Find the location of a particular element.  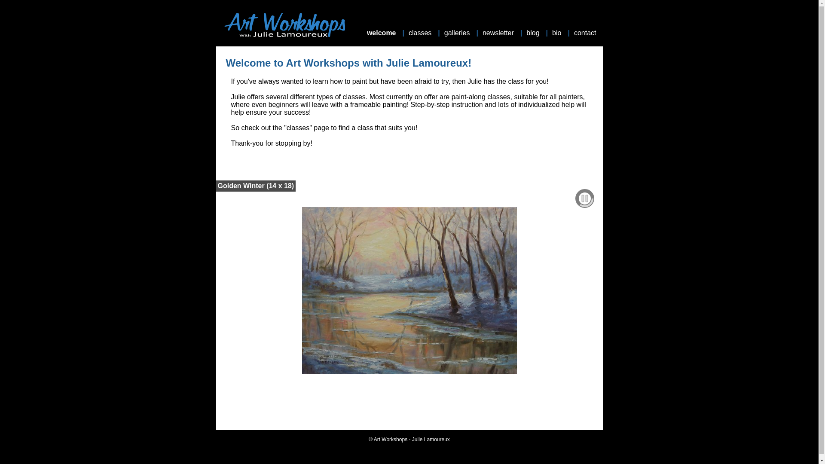

'welcome' is located at coordinates (382, 33).